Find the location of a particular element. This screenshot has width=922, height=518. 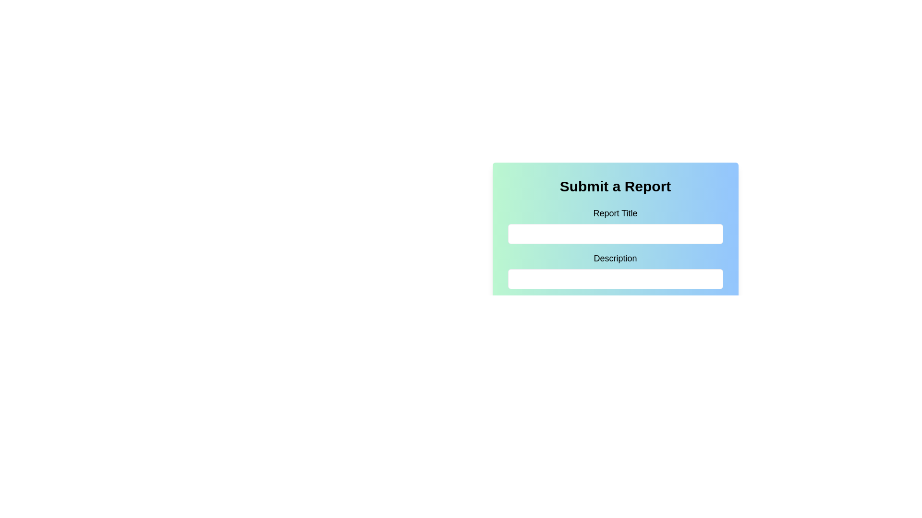

the 'Description' label, which is a medium-sized, bold text element positioned prominently above an input box, located directly below the 'Report Title' label is located at coordinates (615, 258).